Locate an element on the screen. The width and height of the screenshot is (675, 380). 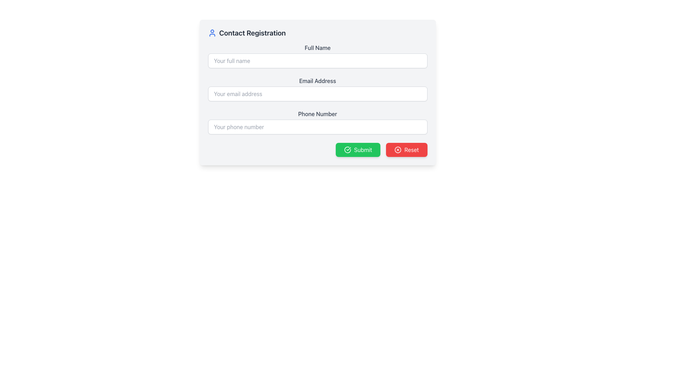
the 'Email Address' label, which is the second label in the form, displayed in dark gray font and positioned above the email input field is located at coordinates (317, 81).